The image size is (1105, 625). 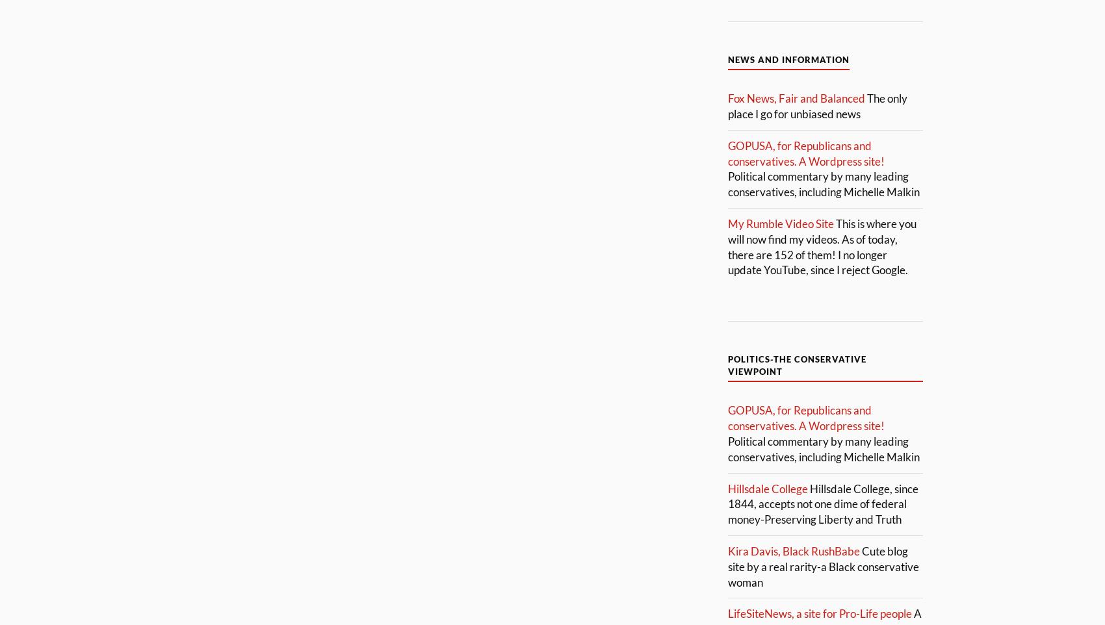 I want to click on 'Politics-the Conservative Viewpoint', so click(x=796, y=365).